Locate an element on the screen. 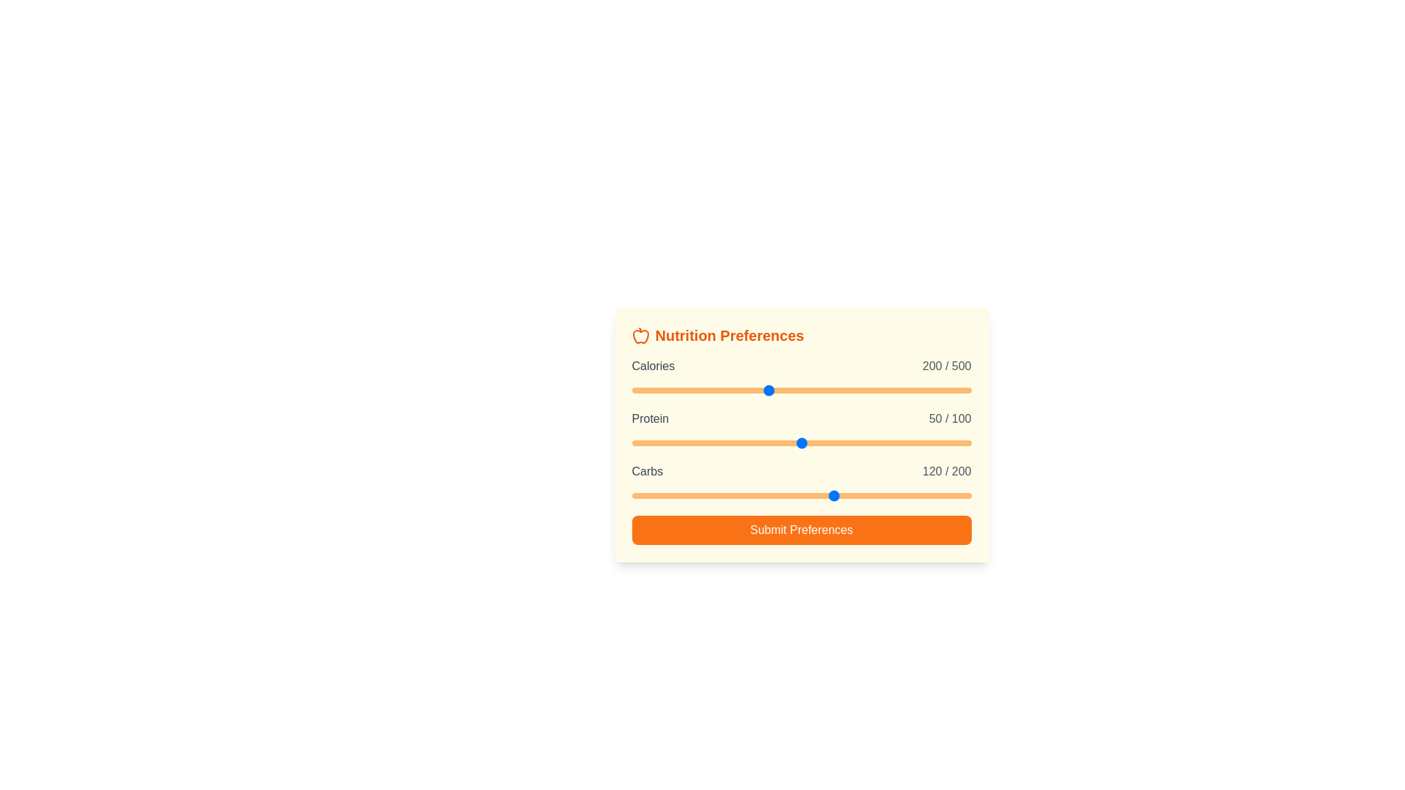 Image resolution: width=1405 pixels, height=790 pixels. the 'Carbs' text label in the 'Nutrition Preferences' section, which is styled in medium font weight and gray color, located beside the number display '120 / 200' is located at coordinates (646, 471).